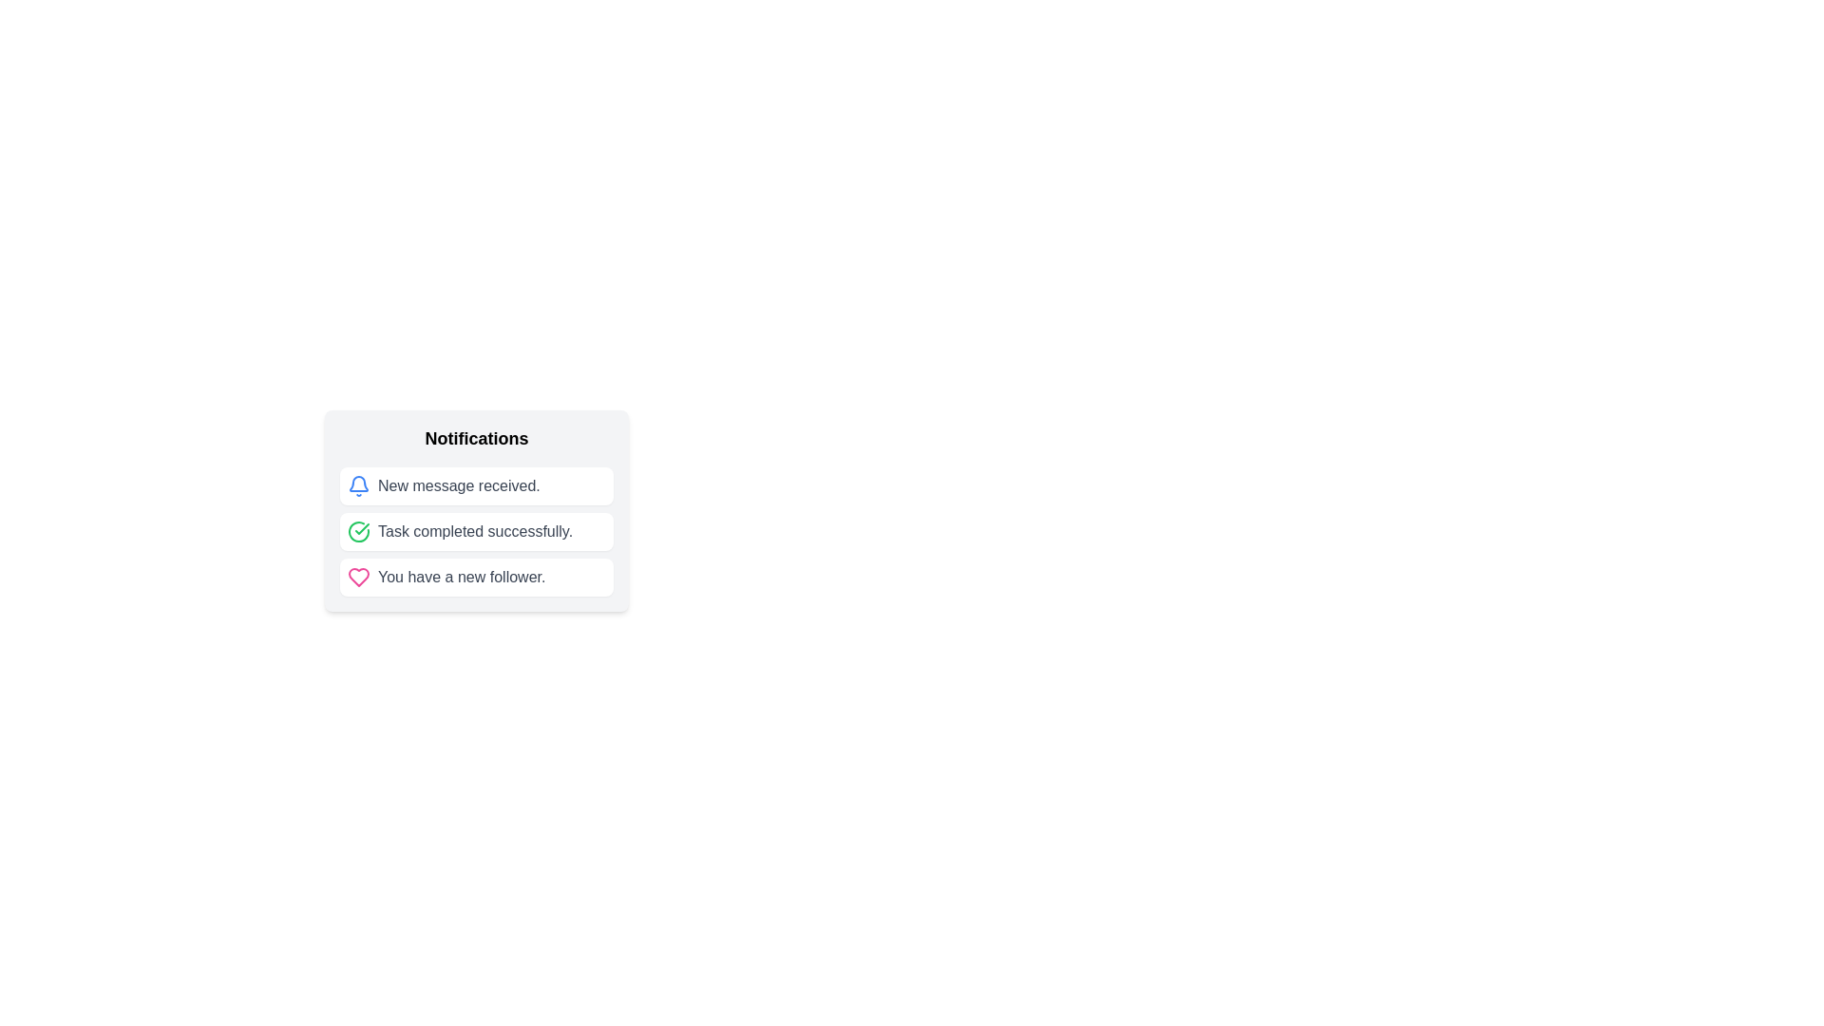  I want to click on the text element displaying 'New message received.' in gray color, located within the first notification item of the list, so click(459, 485).